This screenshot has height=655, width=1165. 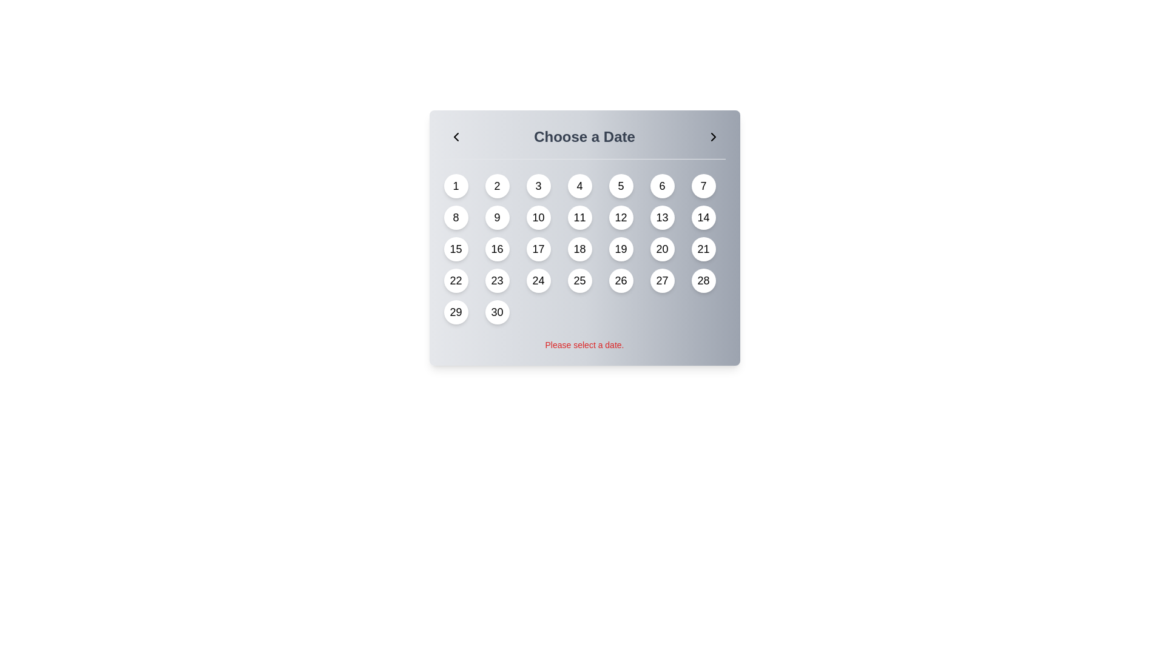 What do you see at coordinates (703, 186) in the screenshot?
I see `the button representing the day number '7' in the date picker interface` at bounding box center [703, 186].